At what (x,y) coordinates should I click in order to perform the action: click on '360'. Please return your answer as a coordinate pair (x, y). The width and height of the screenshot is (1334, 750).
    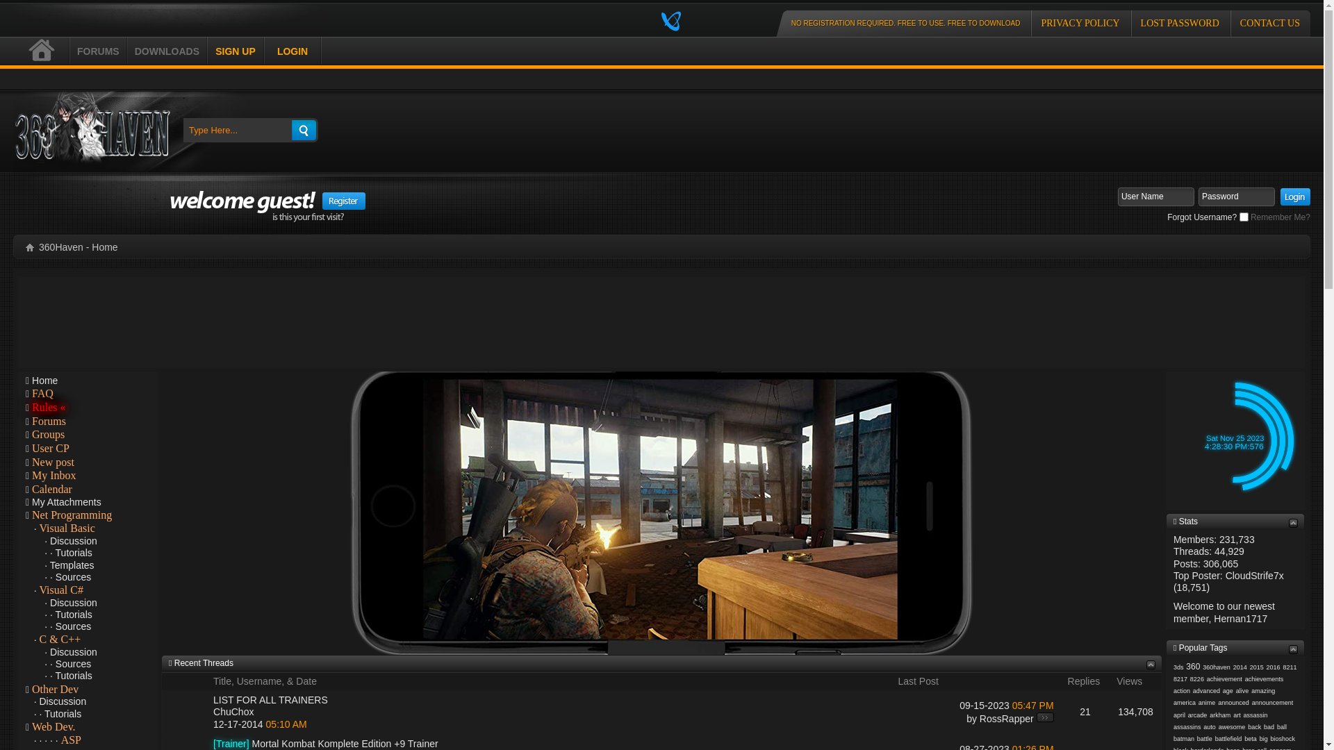
    Looking at the image, I should click on (1192, 666).